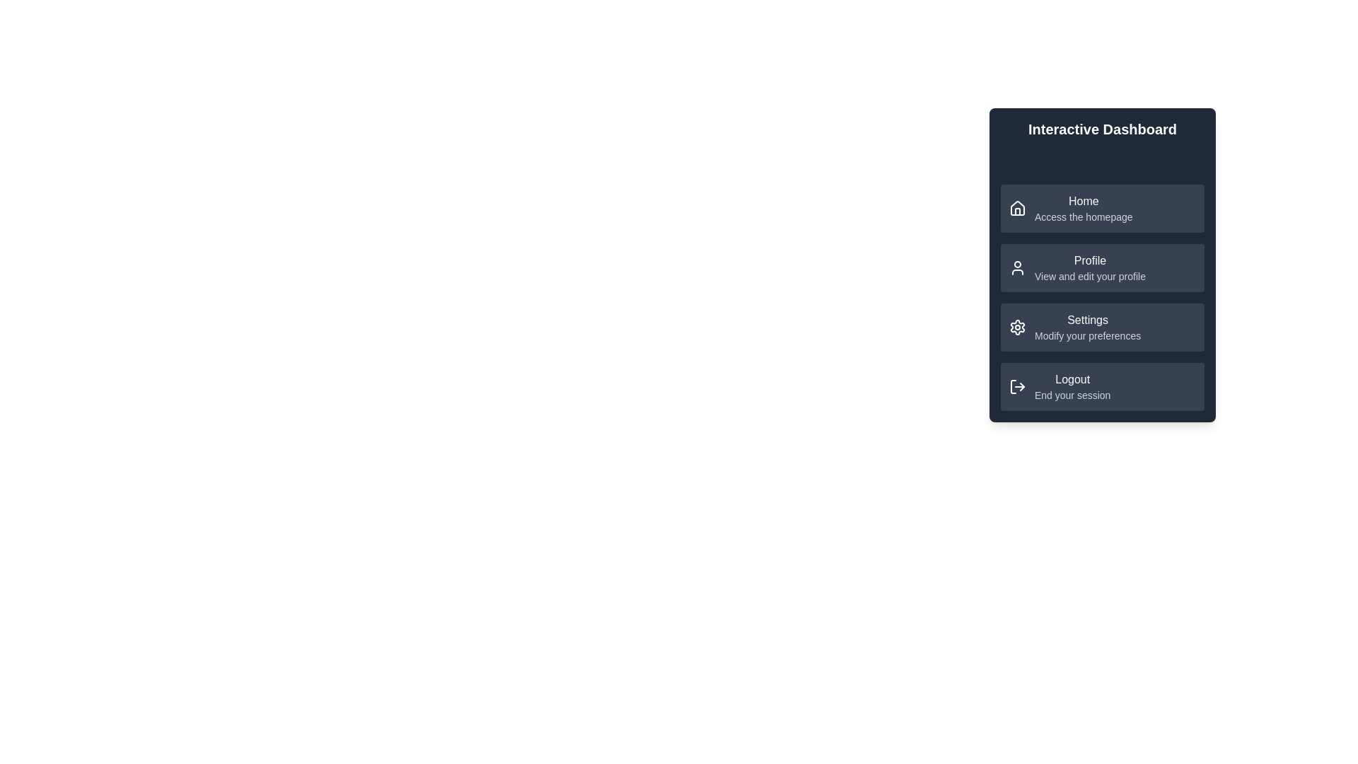  What do you see at coordinates (1102, 327) in the screenshot?
I see `the menu item labeled Settings to navigate to its linked page` at bounding box center [1102, 327].